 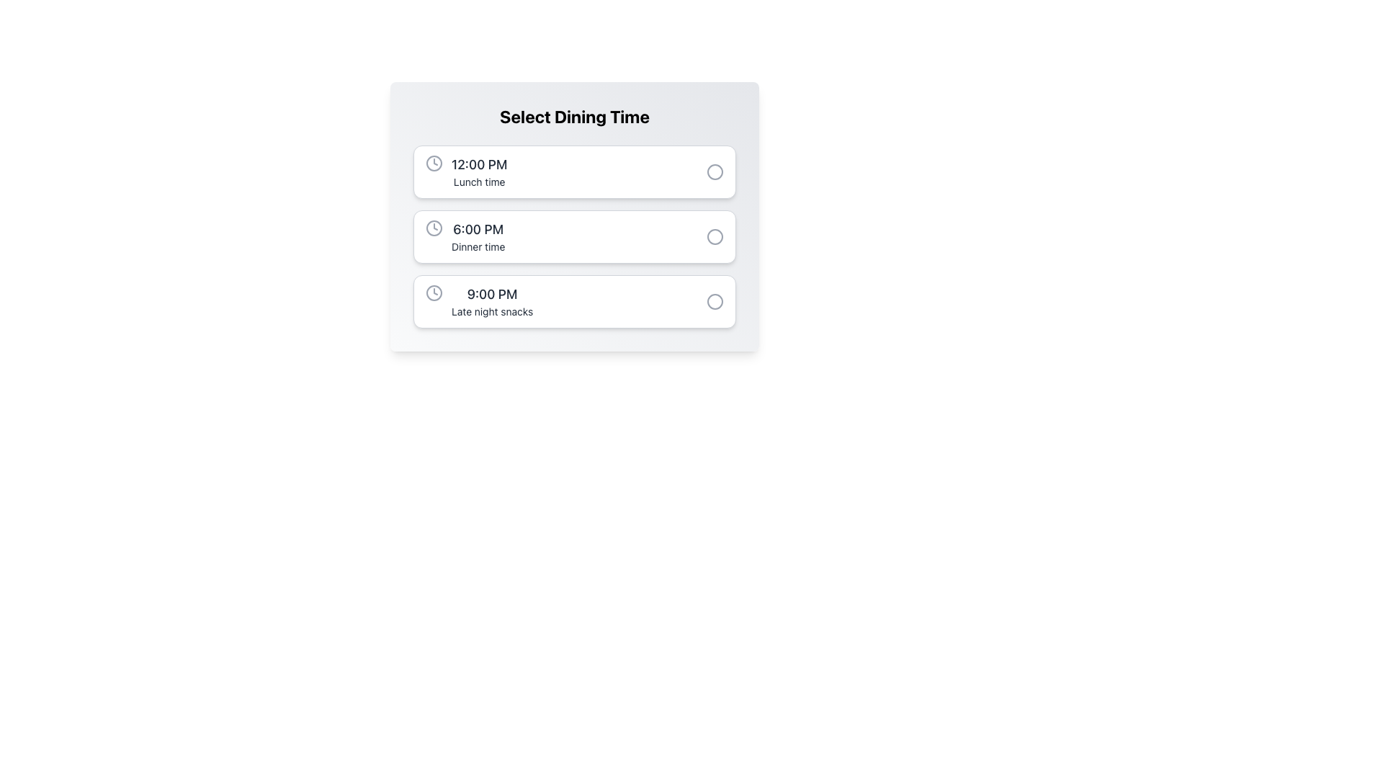 I want to click on the selectable list item for '12:00 PM' labeled as 'Lunch time' to choose this dining time option, so click(x=466, y=171).